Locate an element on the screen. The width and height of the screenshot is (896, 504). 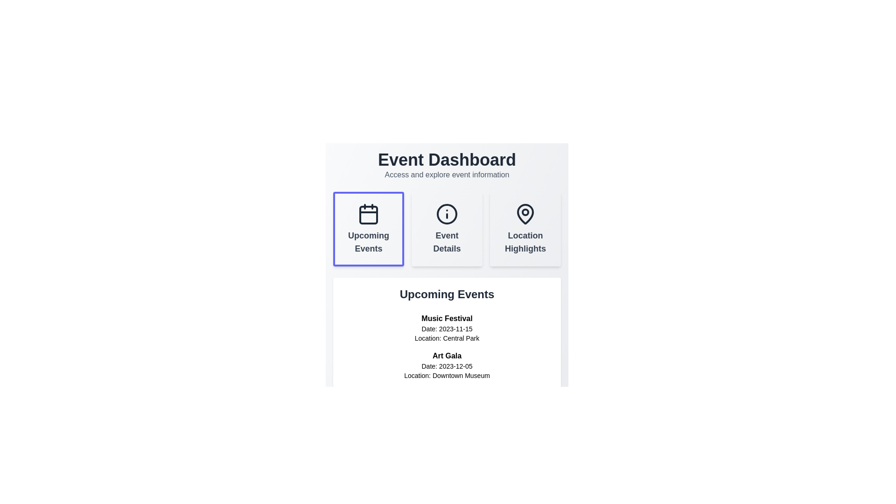
the icon indicating upcoming events, located in the top-left quadrant above the text 'Upcoming Events' is located at coordinates (368, 214).